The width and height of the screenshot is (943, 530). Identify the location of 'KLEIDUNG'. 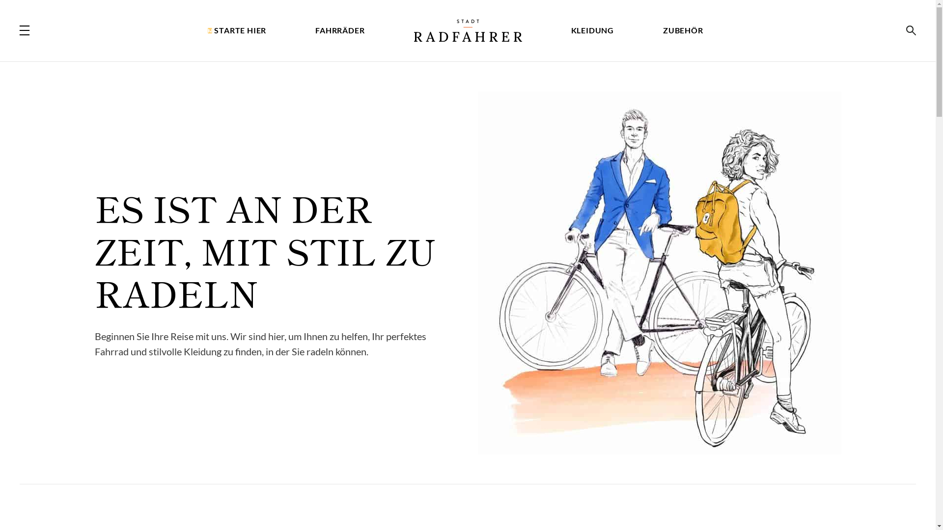
(591, 29).